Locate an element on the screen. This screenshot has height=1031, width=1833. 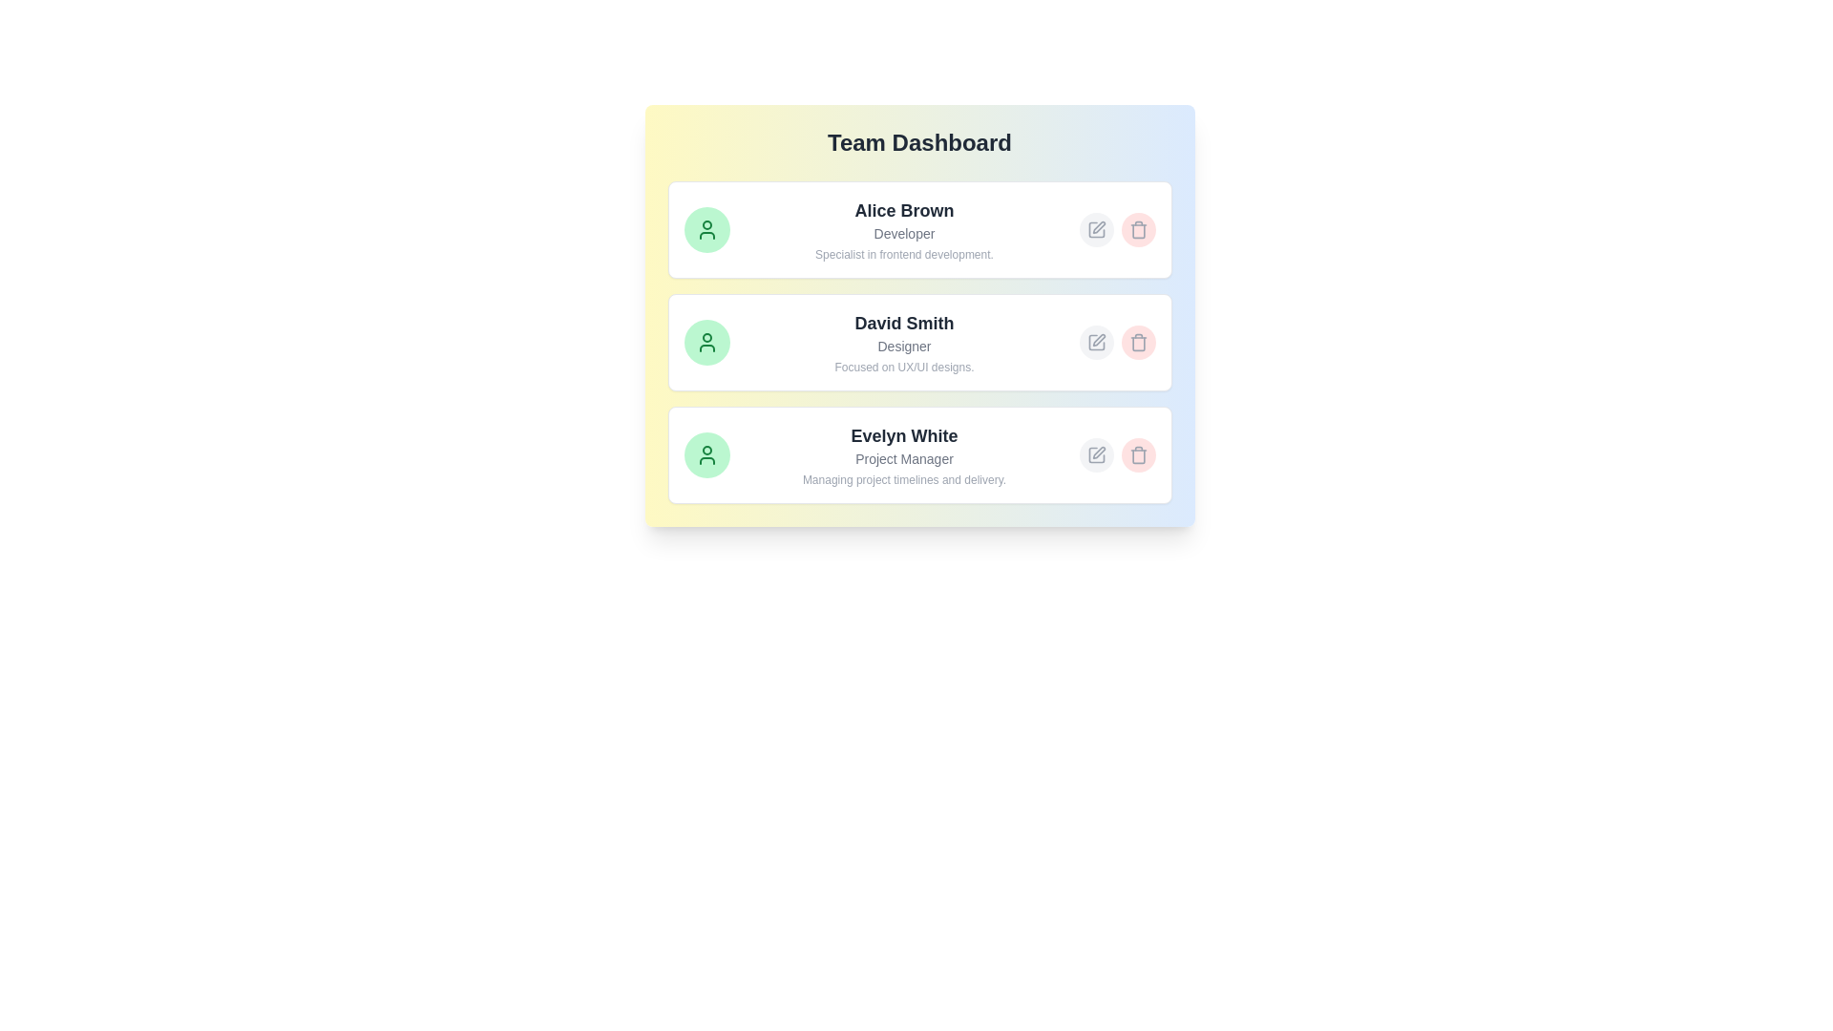
the delete button for 'Evelyn White' is located at coordinates (1138, 455).